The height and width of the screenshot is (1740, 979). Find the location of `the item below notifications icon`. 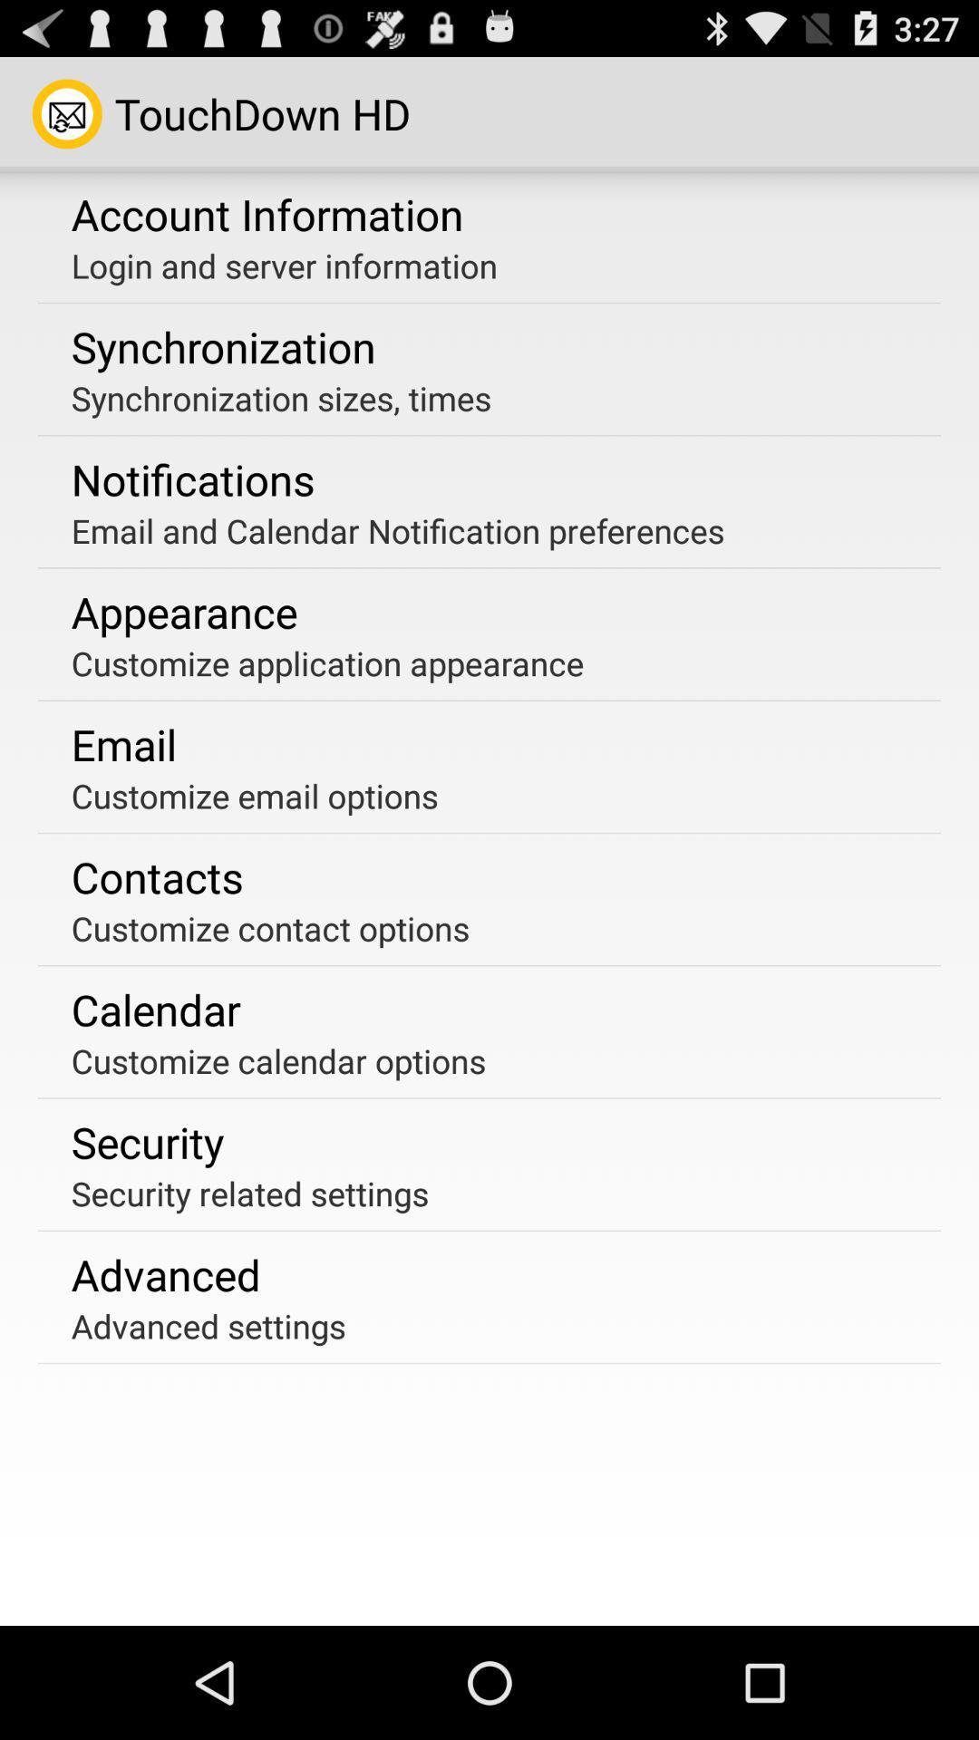

the item below notifications icon is located at coordinates (397, 529).